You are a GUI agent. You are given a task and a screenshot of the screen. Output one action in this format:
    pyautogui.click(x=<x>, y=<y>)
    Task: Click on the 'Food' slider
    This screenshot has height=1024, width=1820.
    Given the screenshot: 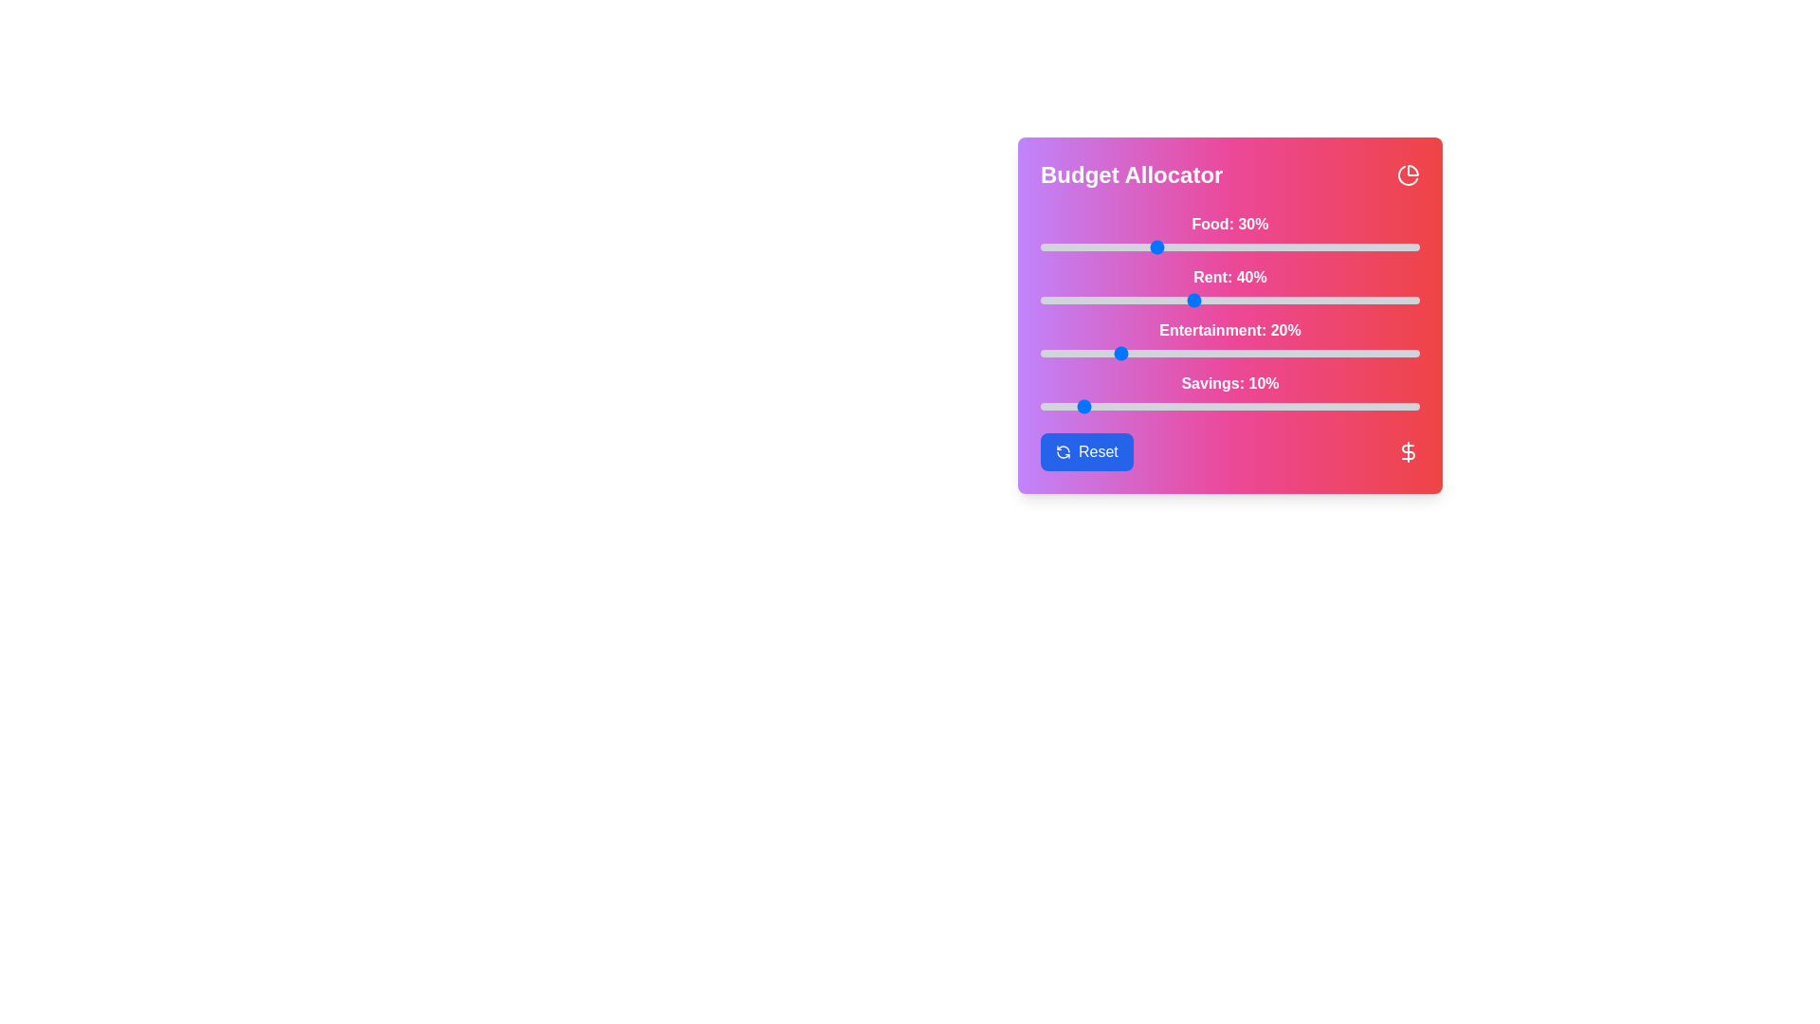 What is the action you would take?
    pyautogui.click(x=1141, y=247)
    